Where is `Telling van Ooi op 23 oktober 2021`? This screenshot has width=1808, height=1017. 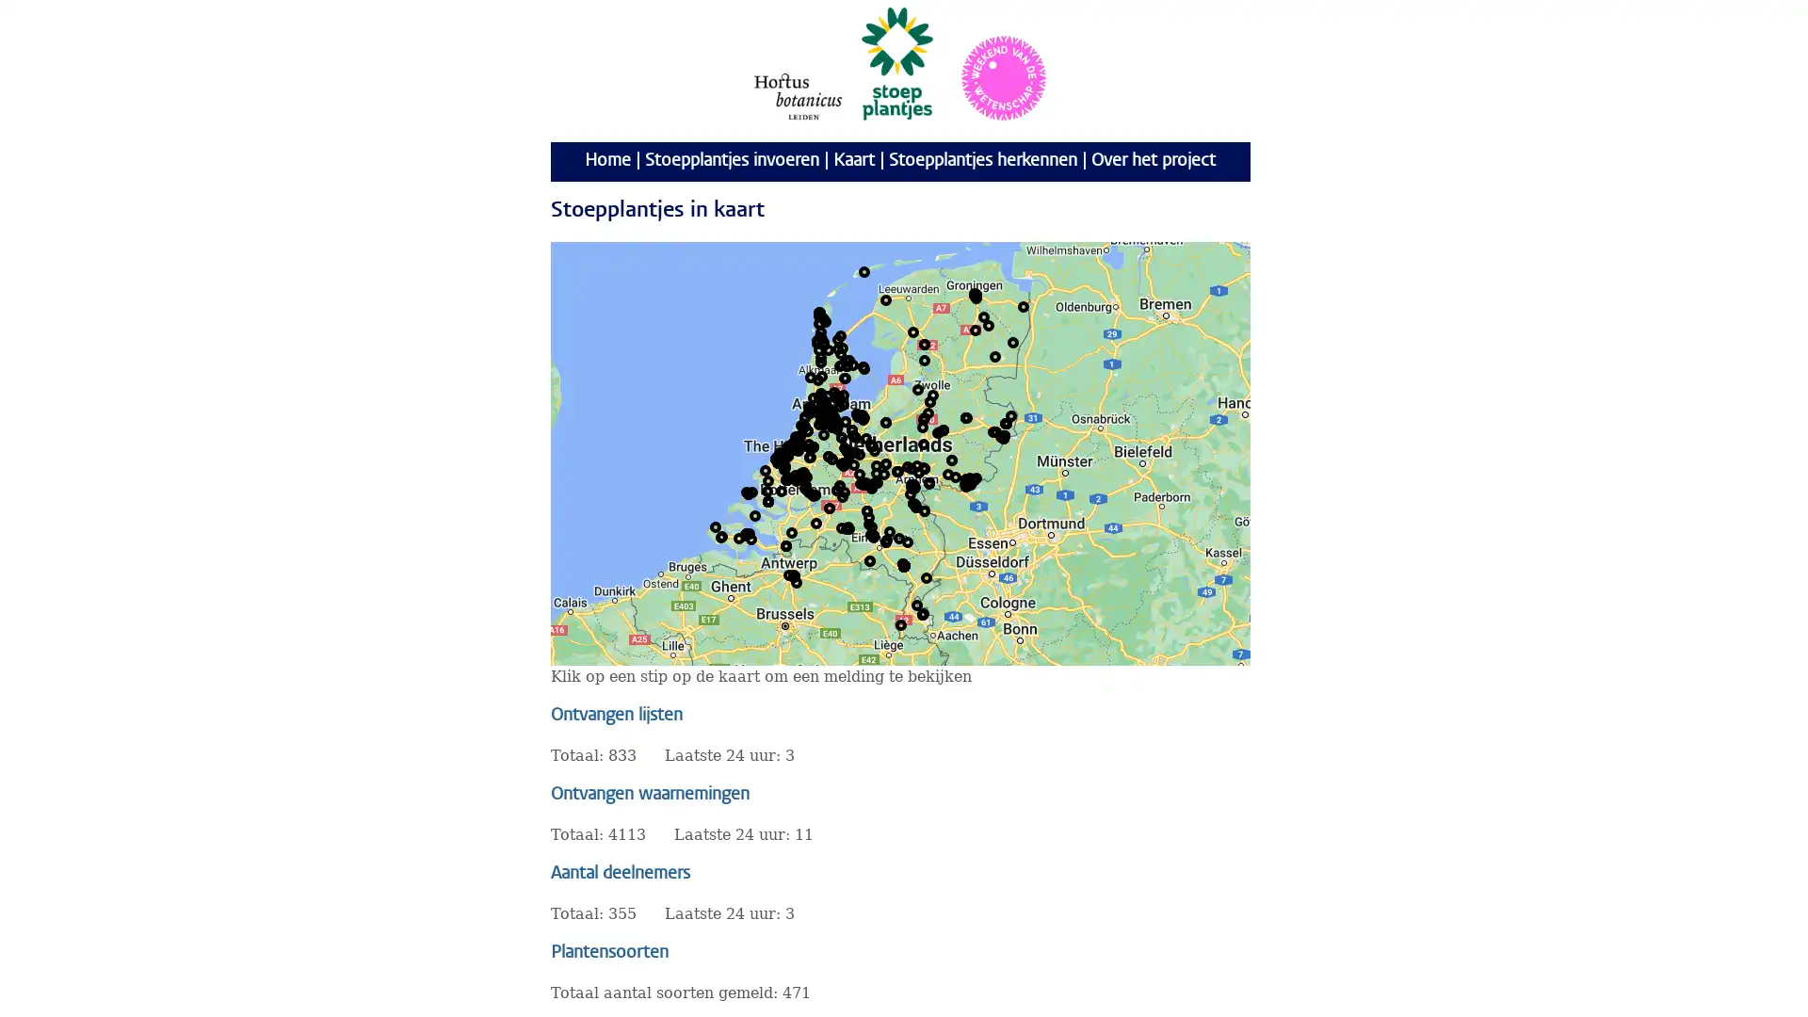
Telling van Ooi op 23 oktober 2021 is located at coordinates (835, 395).